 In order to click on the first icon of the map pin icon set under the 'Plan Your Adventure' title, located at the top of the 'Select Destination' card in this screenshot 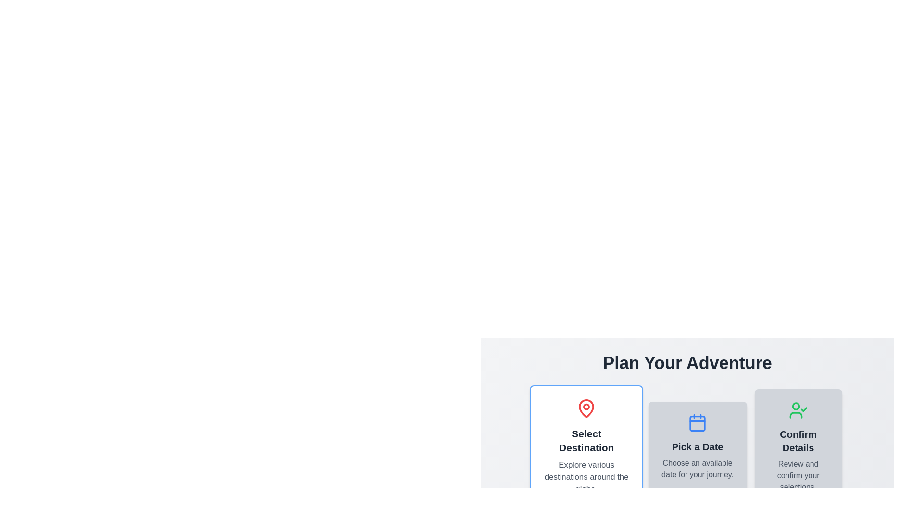, I will do `click(586, 408)`.